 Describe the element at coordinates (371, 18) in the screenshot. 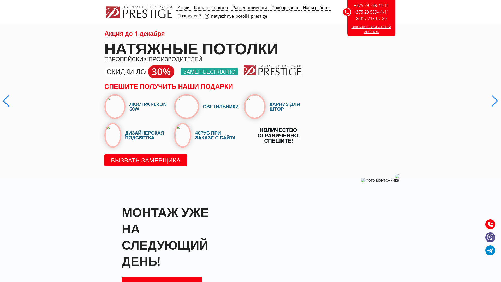

I see `'8 017 215-07-80'` at that location.